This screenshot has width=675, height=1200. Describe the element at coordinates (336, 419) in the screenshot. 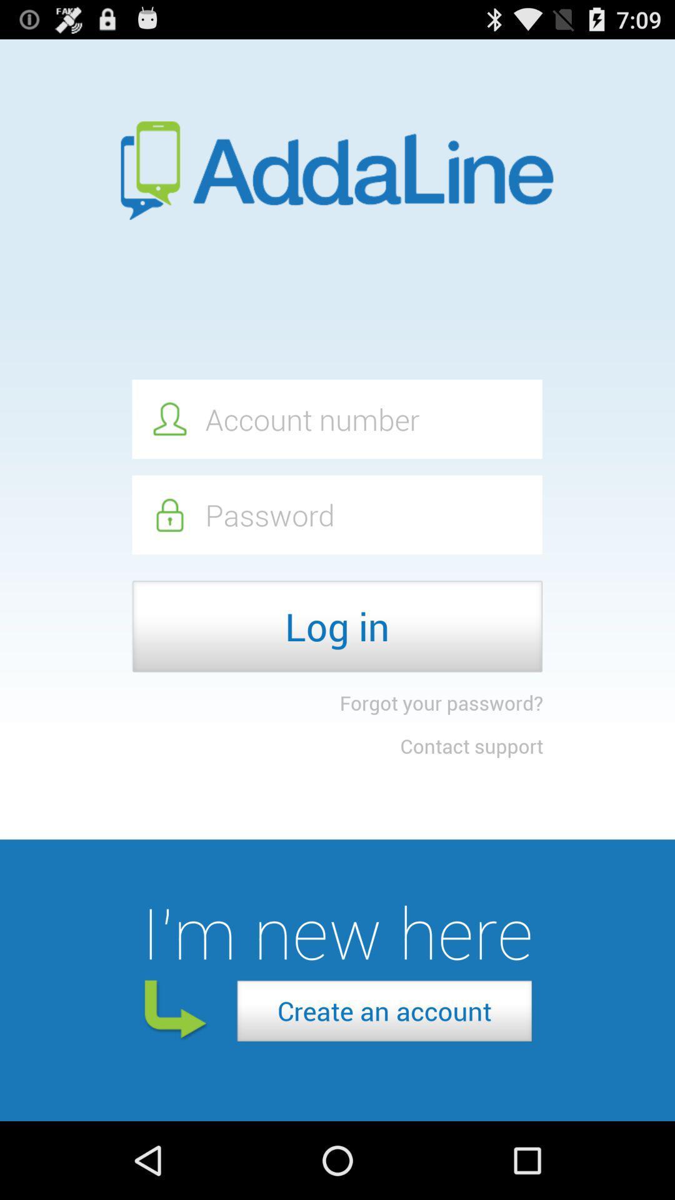

I see `account number text box` at that location.